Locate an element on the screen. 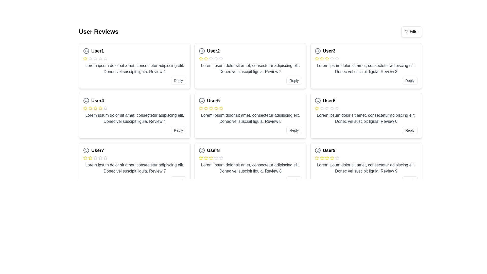 Image resolution: width=487 pixels, height=274 pixels. the reply button located at the bottom right of the review panel labeled 'User5' to change its background color is located at coordinates (294, 130).